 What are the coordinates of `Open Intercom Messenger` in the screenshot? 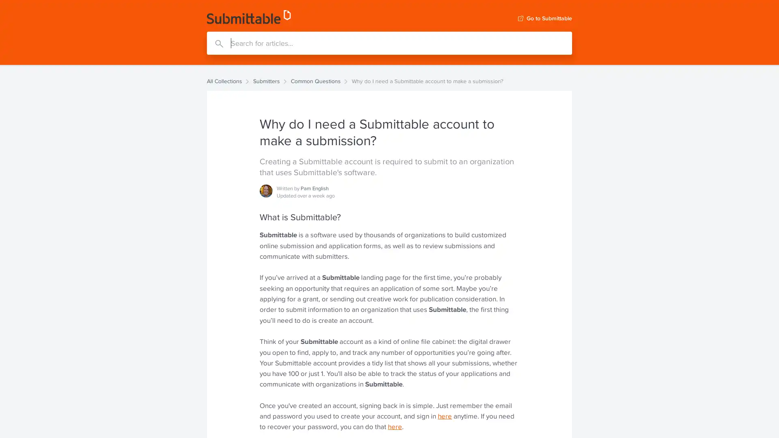 It's located at (758, 417).